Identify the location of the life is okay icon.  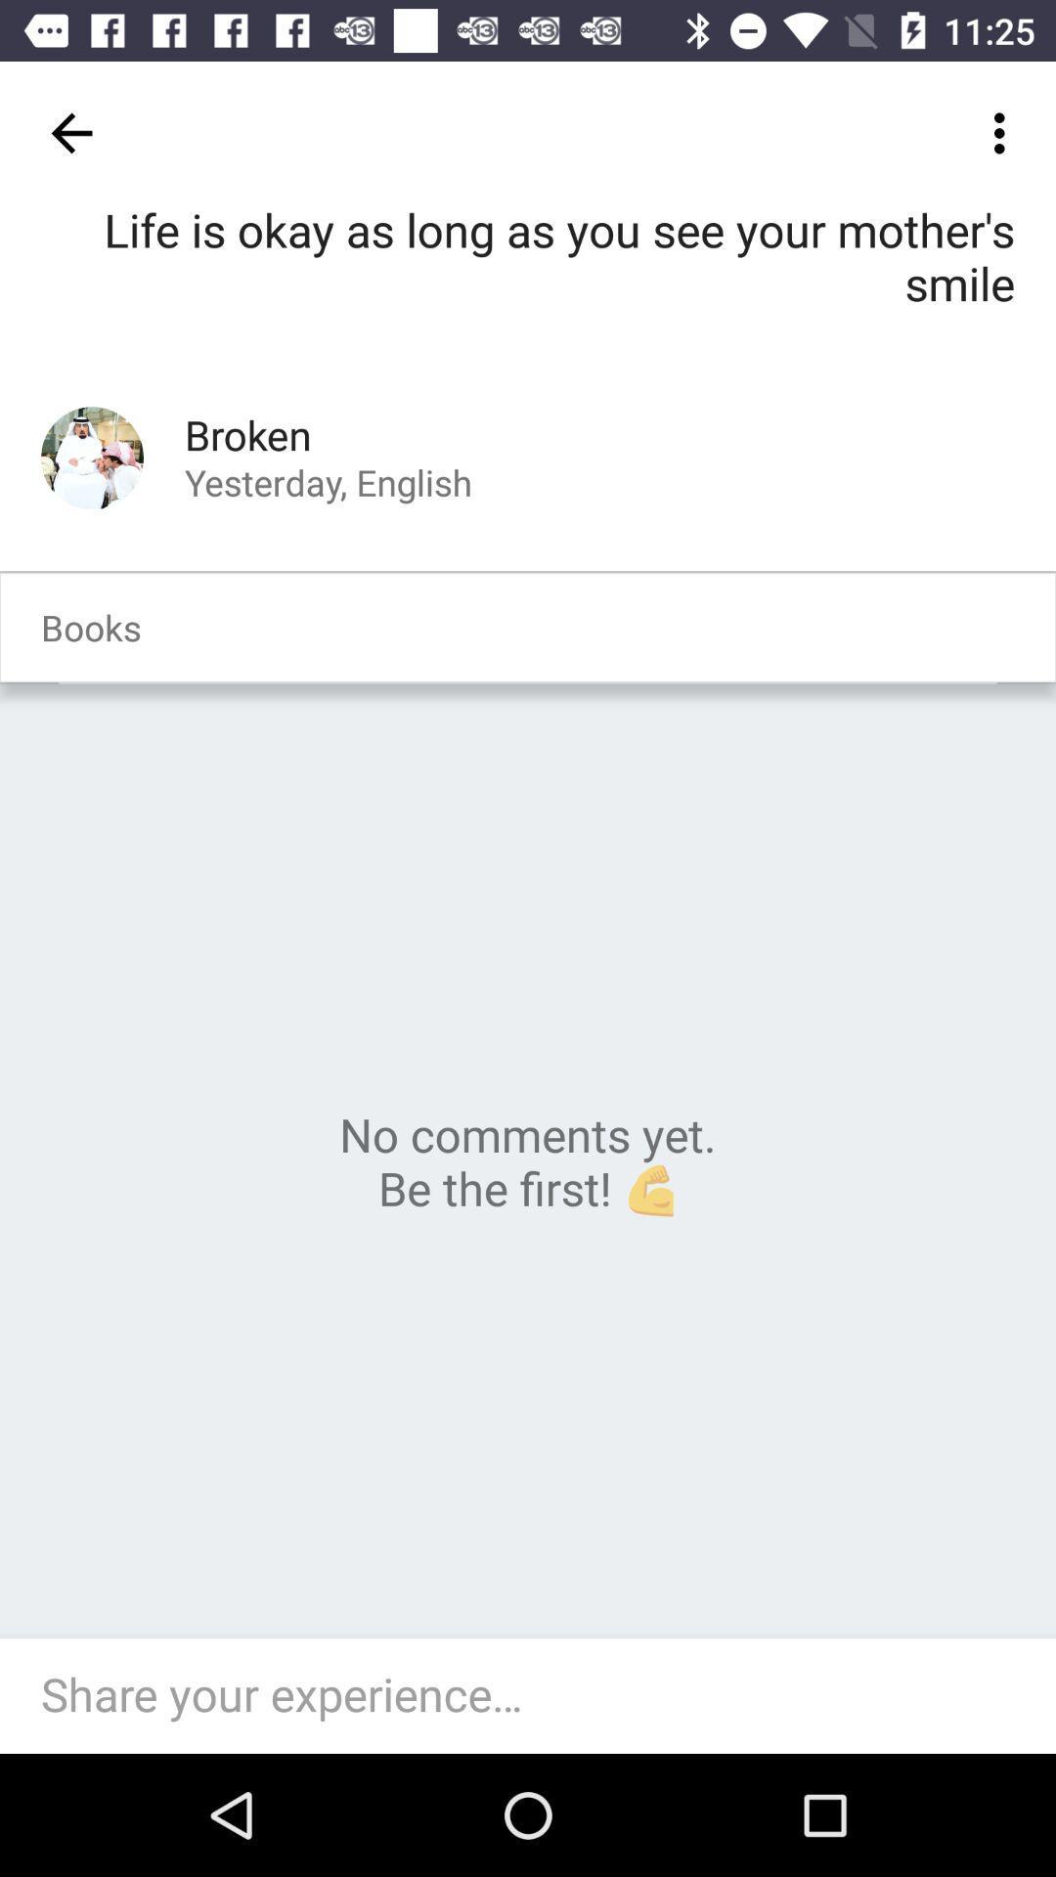
(528, 284).